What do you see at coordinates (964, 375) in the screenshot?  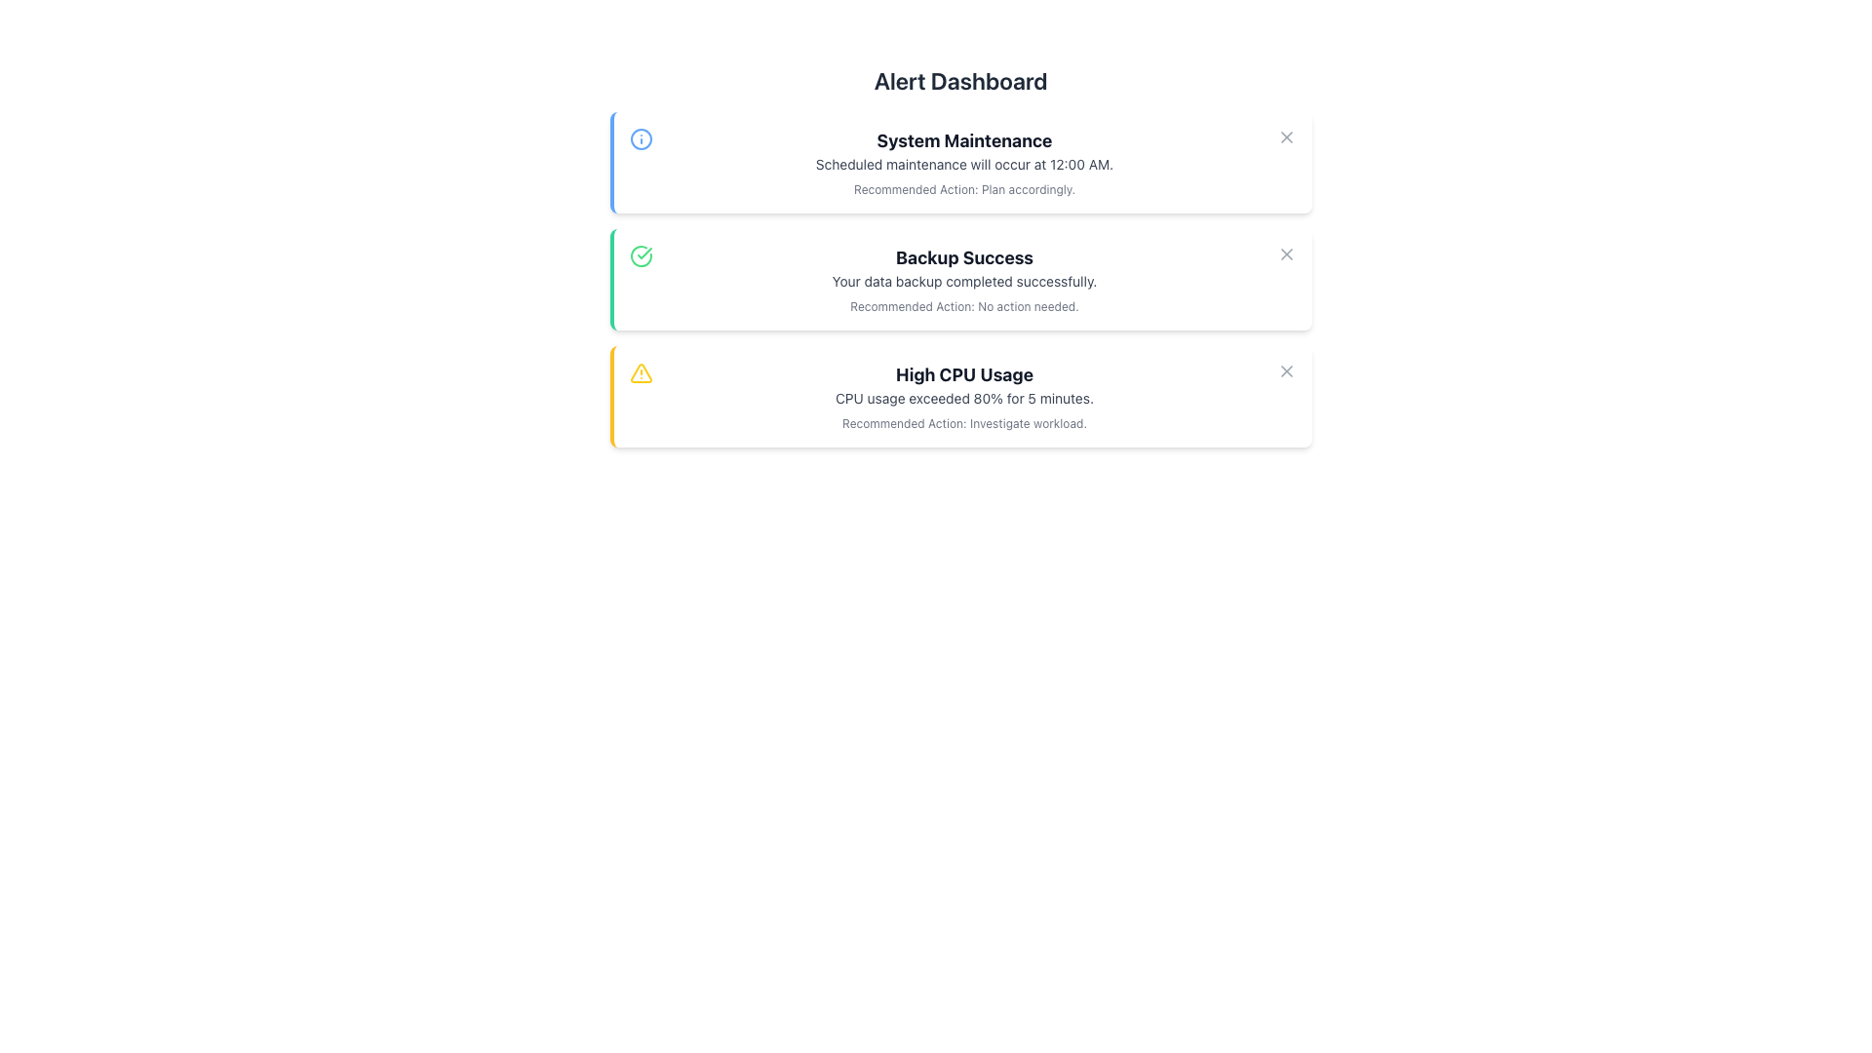 I see `the text label that serves as the title of the alert regarding high CPU usage, positioned at the top of the alert box` at bounding box center [964, 375].